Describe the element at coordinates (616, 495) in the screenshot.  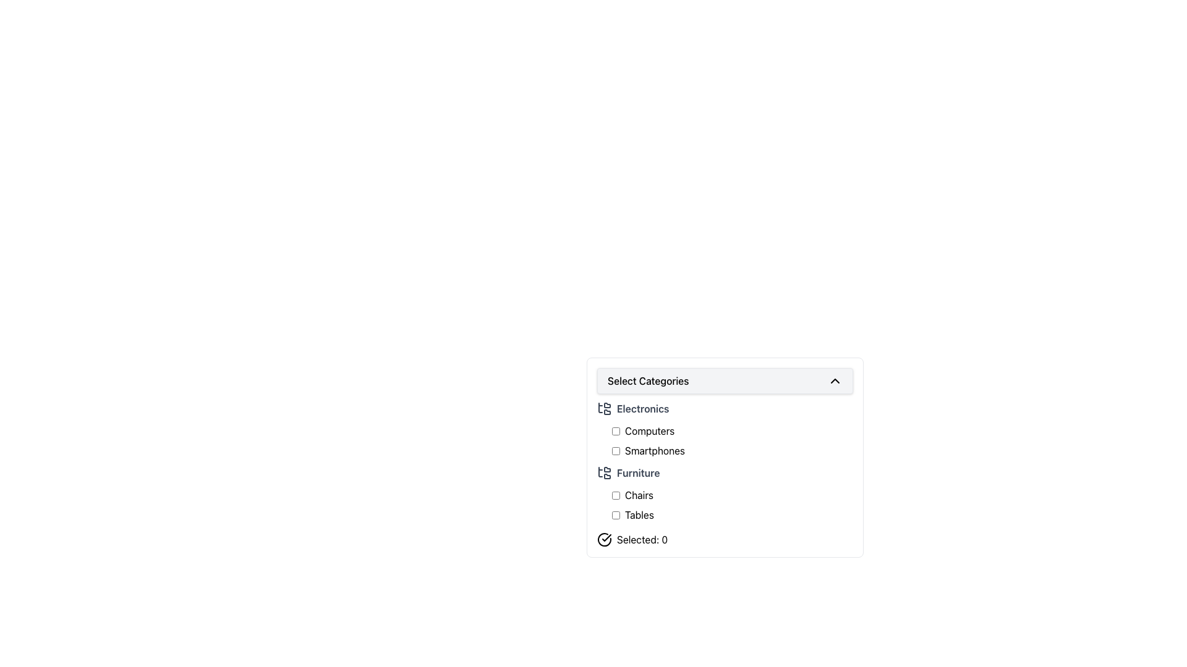
I see `the checkbox for the 'Chairs' category in the 'Furniture' section` at that location.